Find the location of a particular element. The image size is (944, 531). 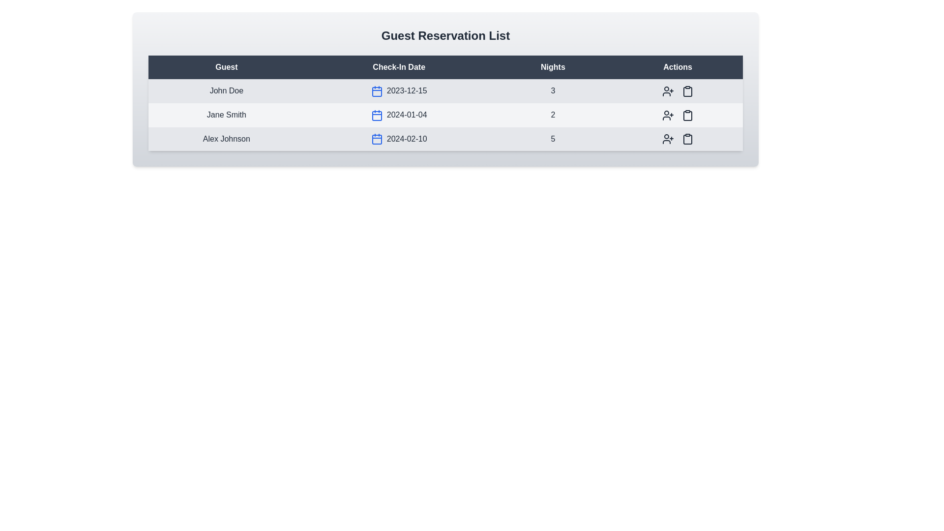

the calendar icon in the first row of the 'Check-In Date' column of the 'Guest Reservation List' table, which is located to the left of the text '2023-12-15' is located at coordinates (376, 91).